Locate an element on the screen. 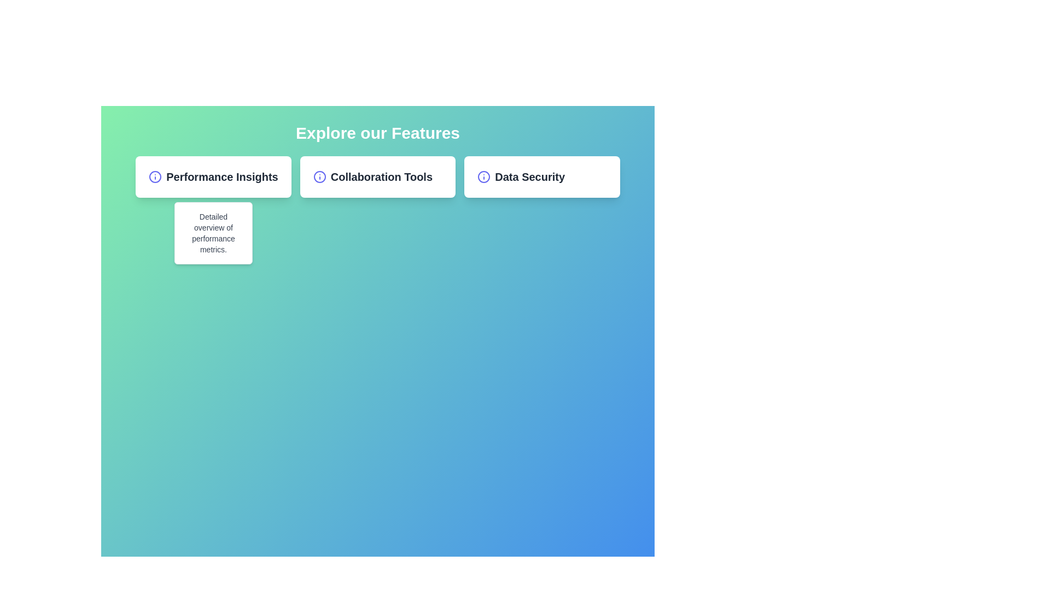  'Data Security' text label with an information icon located in the rightmost card under 'Explore our Features.' is located at coordinates (542, 176).